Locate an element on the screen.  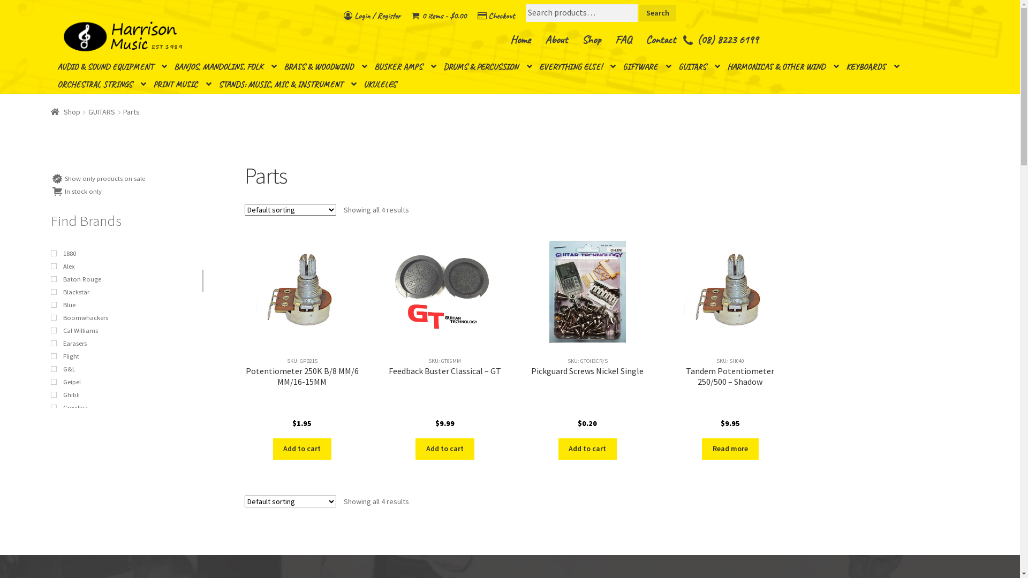
'EVERYTHING ELSE!' is located at coordinates (577, 67).